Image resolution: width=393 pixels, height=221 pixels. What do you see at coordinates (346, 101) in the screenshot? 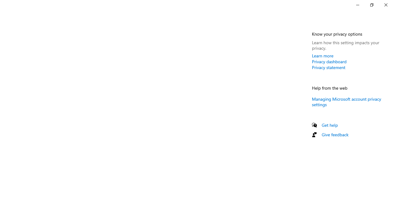
I see `'Managing Microsoft account privacy settings'` at bounding box center [346, 101].